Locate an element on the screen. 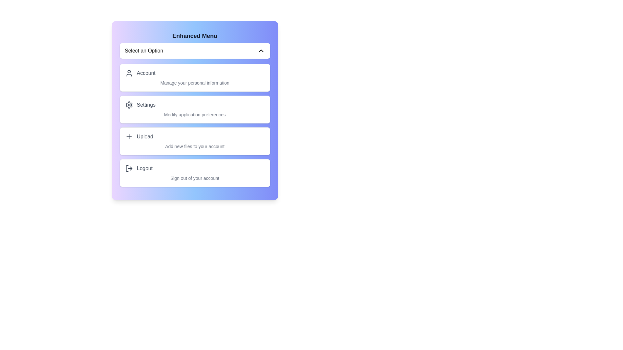 The width and height of the screenshot is (623, 350). the icon corresponding to Logout is located at coordinates (129, 168).